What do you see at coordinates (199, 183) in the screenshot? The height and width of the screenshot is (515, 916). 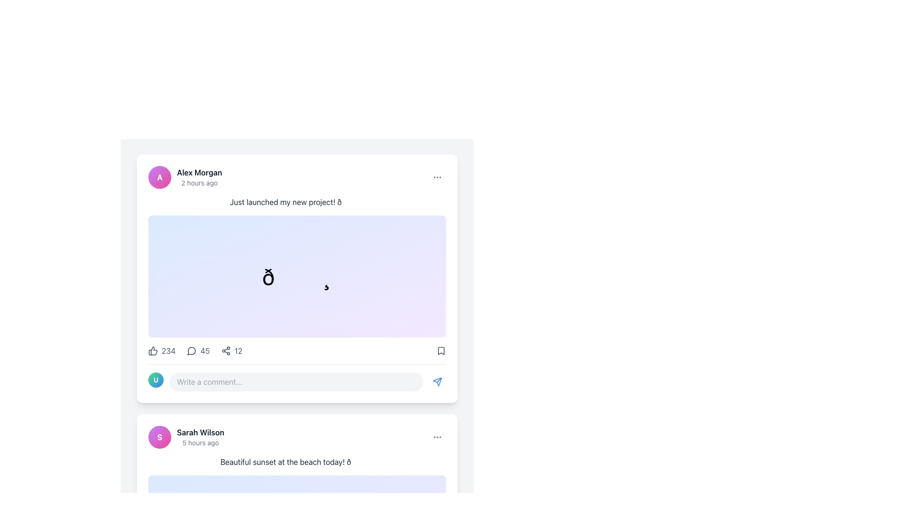 I see `the Text label displaying '2 hours ago', which is located below the name 'Alex Morgan'` at bounding box center [199, 183].